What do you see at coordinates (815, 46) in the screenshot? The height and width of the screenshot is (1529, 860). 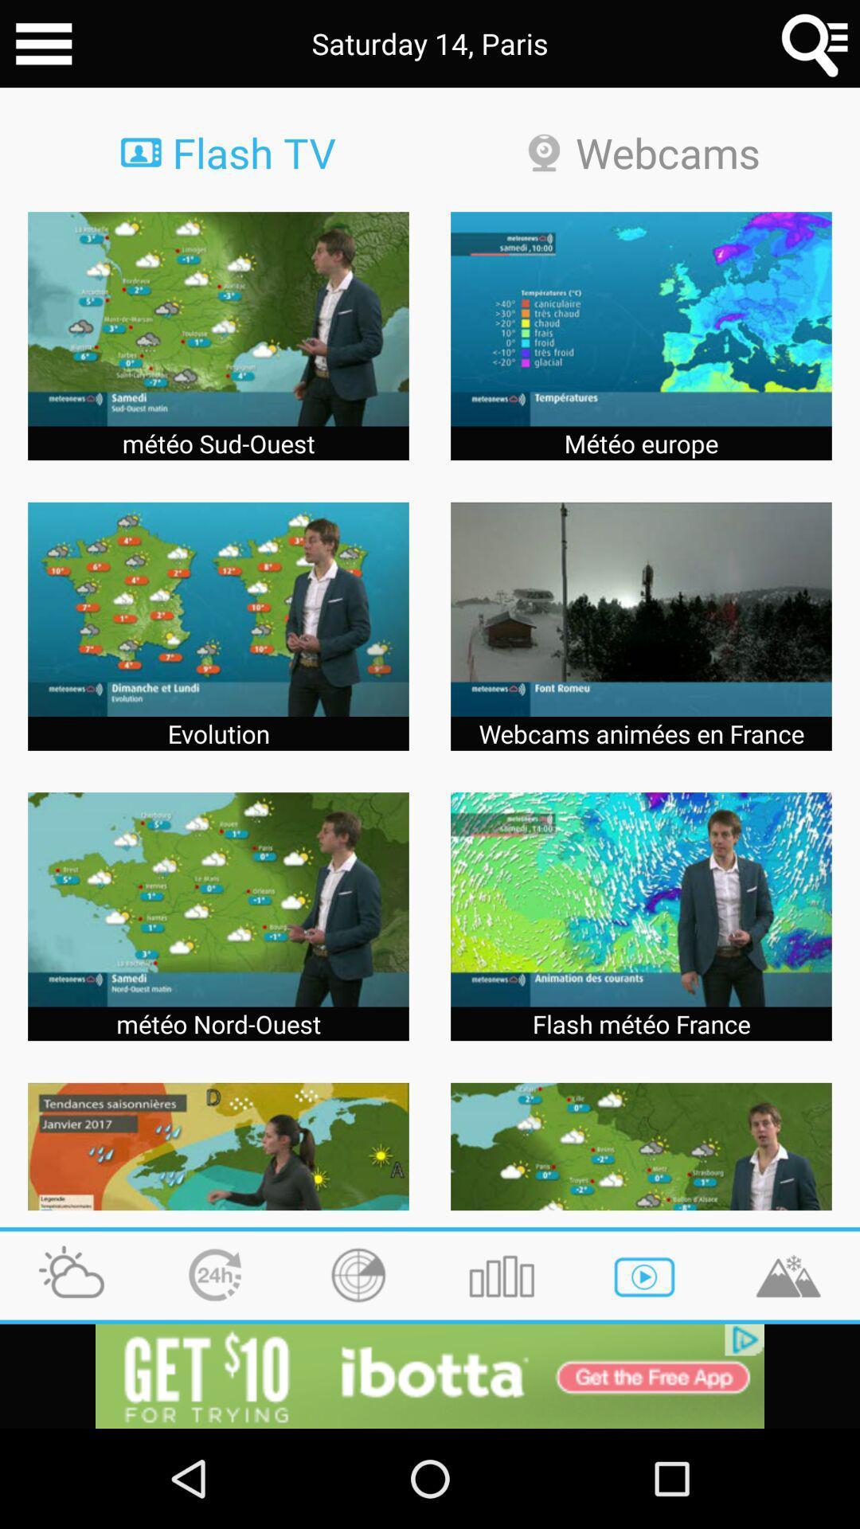 I see `the search icon` at bounding box center [815, 46].